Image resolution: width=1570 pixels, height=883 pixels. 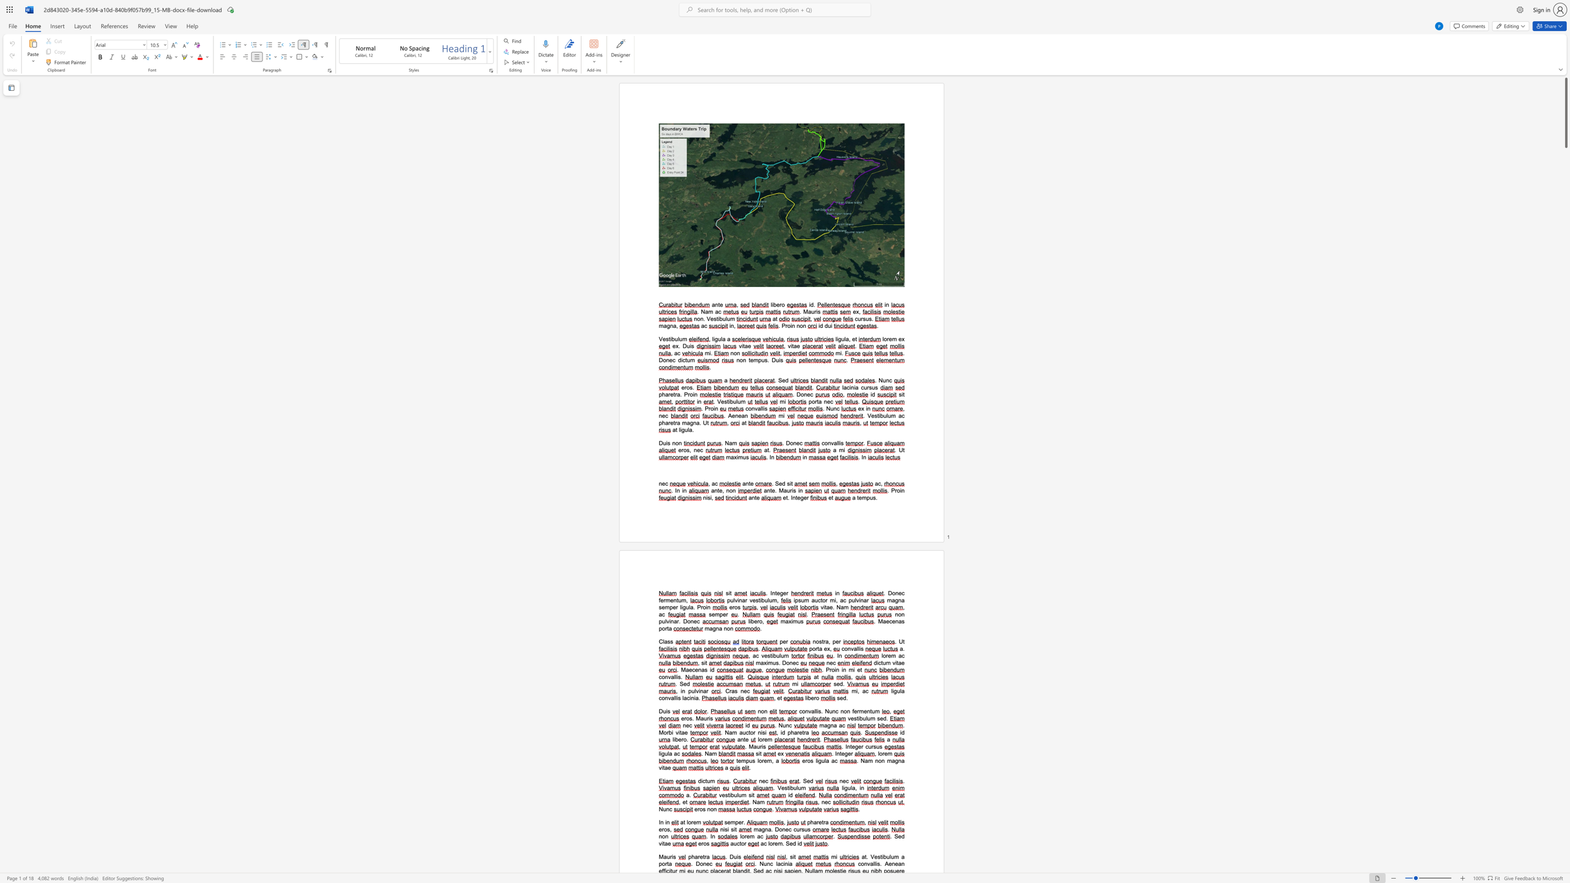 I want to click on the space between the continuous character "n" and "t" in the text, so click(x=839, y=753).